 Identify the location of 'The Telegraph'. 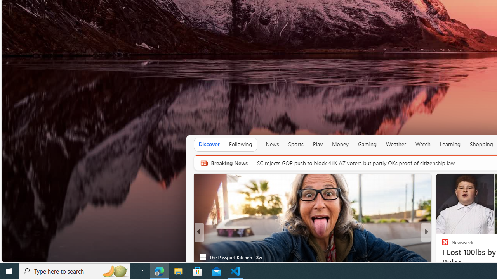
(442, 257).